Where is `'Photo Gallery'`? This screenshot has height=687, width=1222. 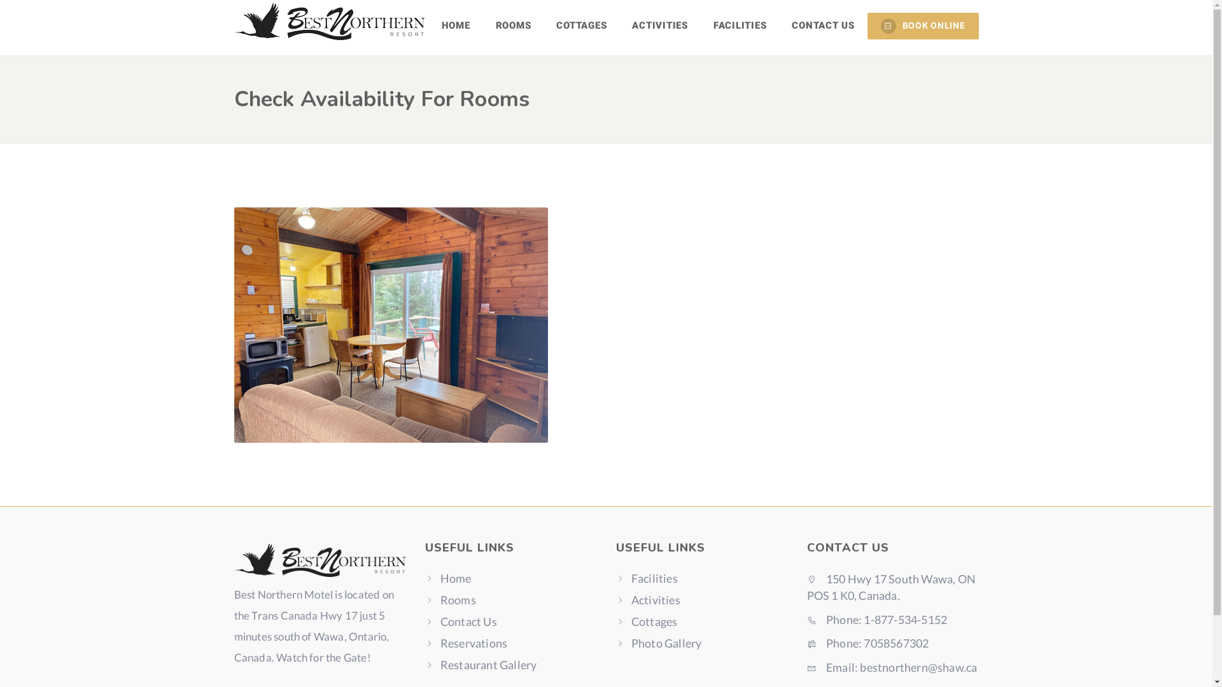 'Photo Gallery' is located at coordinates (631, 642).